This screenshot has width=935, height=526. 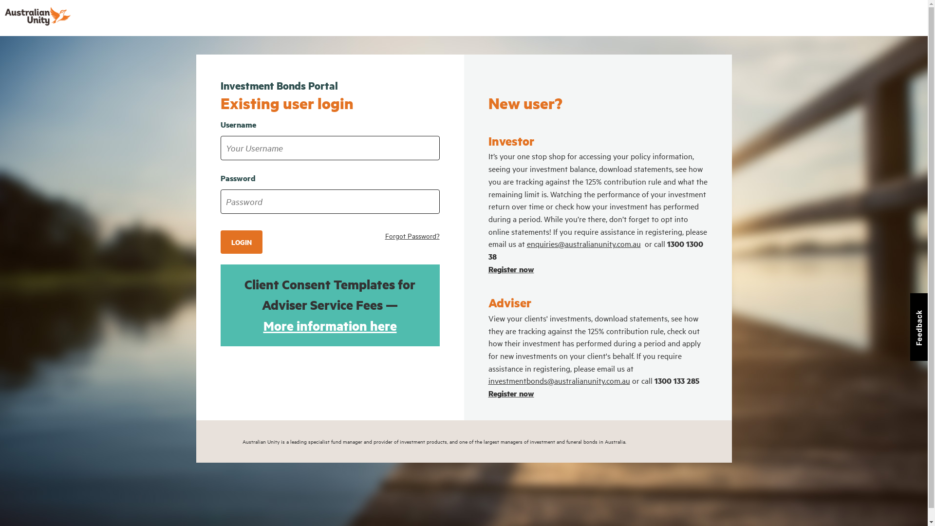 I want to click on 'investmentbonds@australianunity.com.au', so click(x=559, y=379).